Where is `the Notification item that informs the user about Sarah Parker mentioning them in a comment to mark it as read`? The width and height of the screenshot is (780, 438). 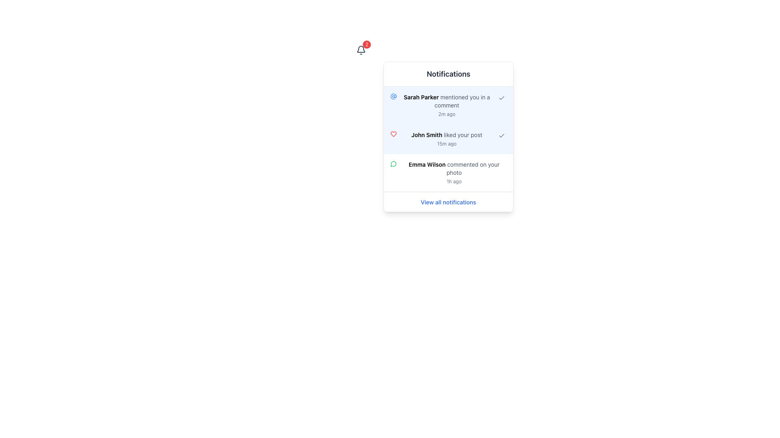 the Notification item that informs the user about Sarah Parker mentioning them in a comment to mark it as read is located at coordinates (448, 105).